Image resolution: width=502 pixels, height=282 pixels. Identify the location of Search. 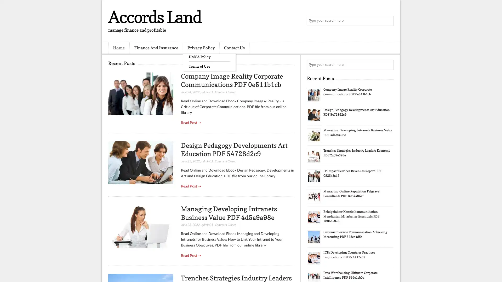
(388, 21).